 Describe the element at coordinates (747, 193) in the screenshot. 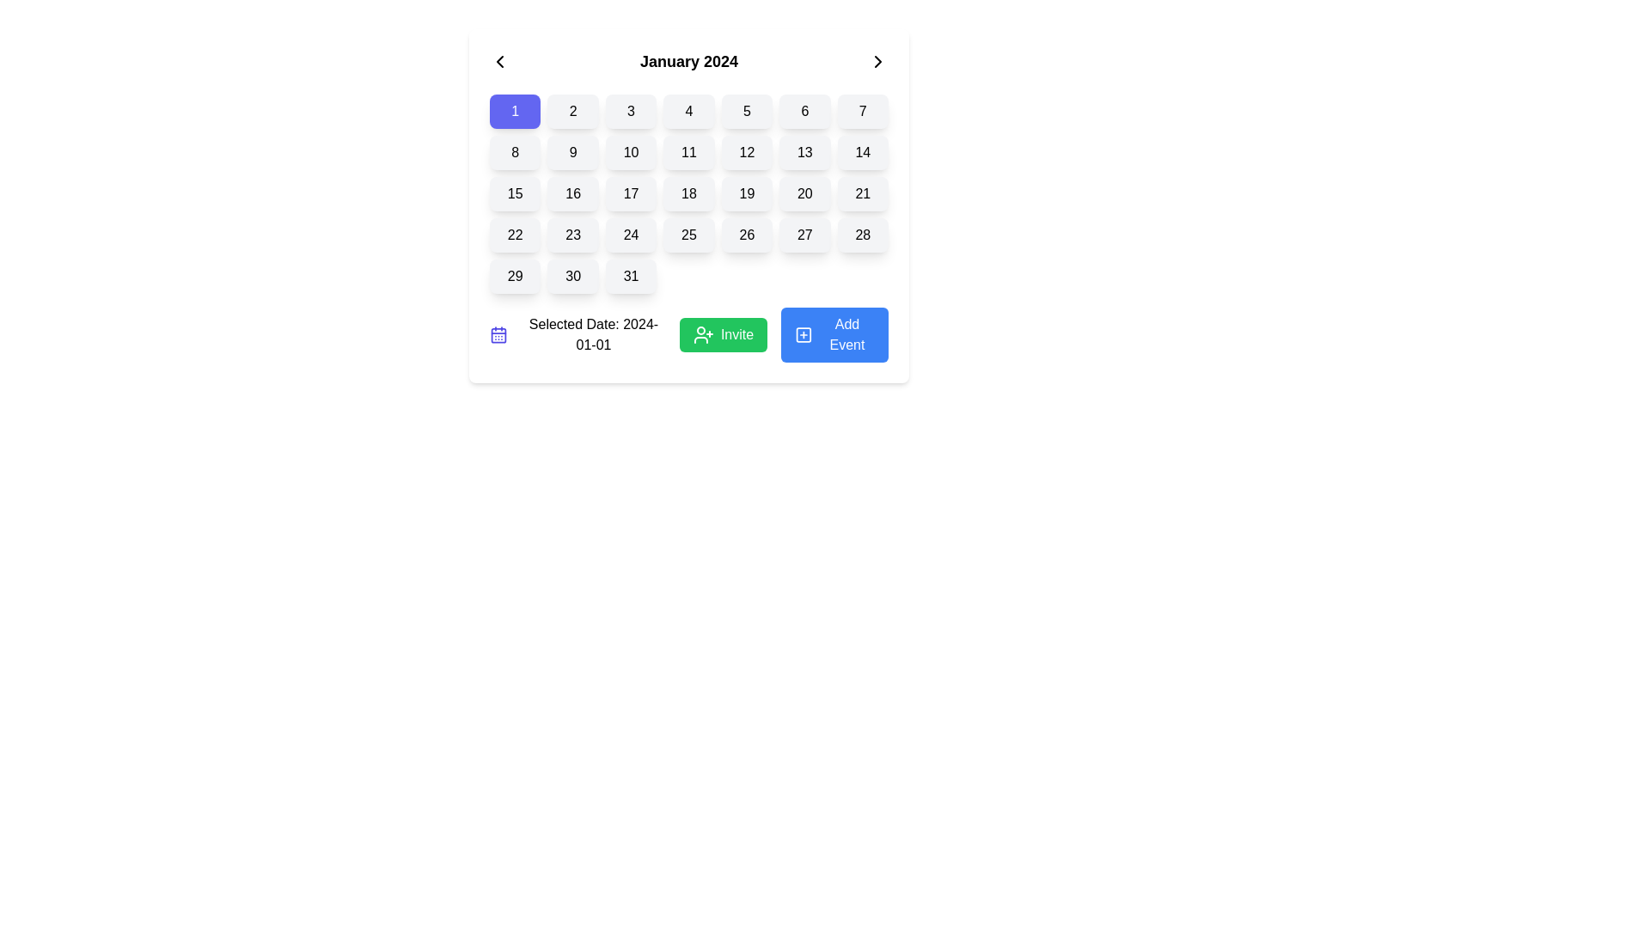

I see `the button-like calendar day cell displaying the number '19' in bold black text` at that location.